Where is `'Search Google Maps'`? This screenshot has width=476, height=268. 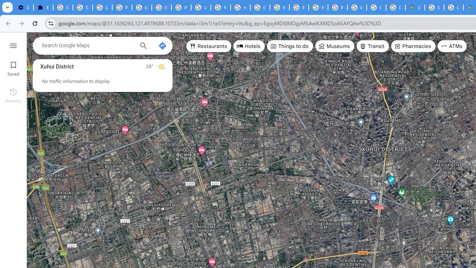 'Search Google Maps' is located at coordinates (87, 45).